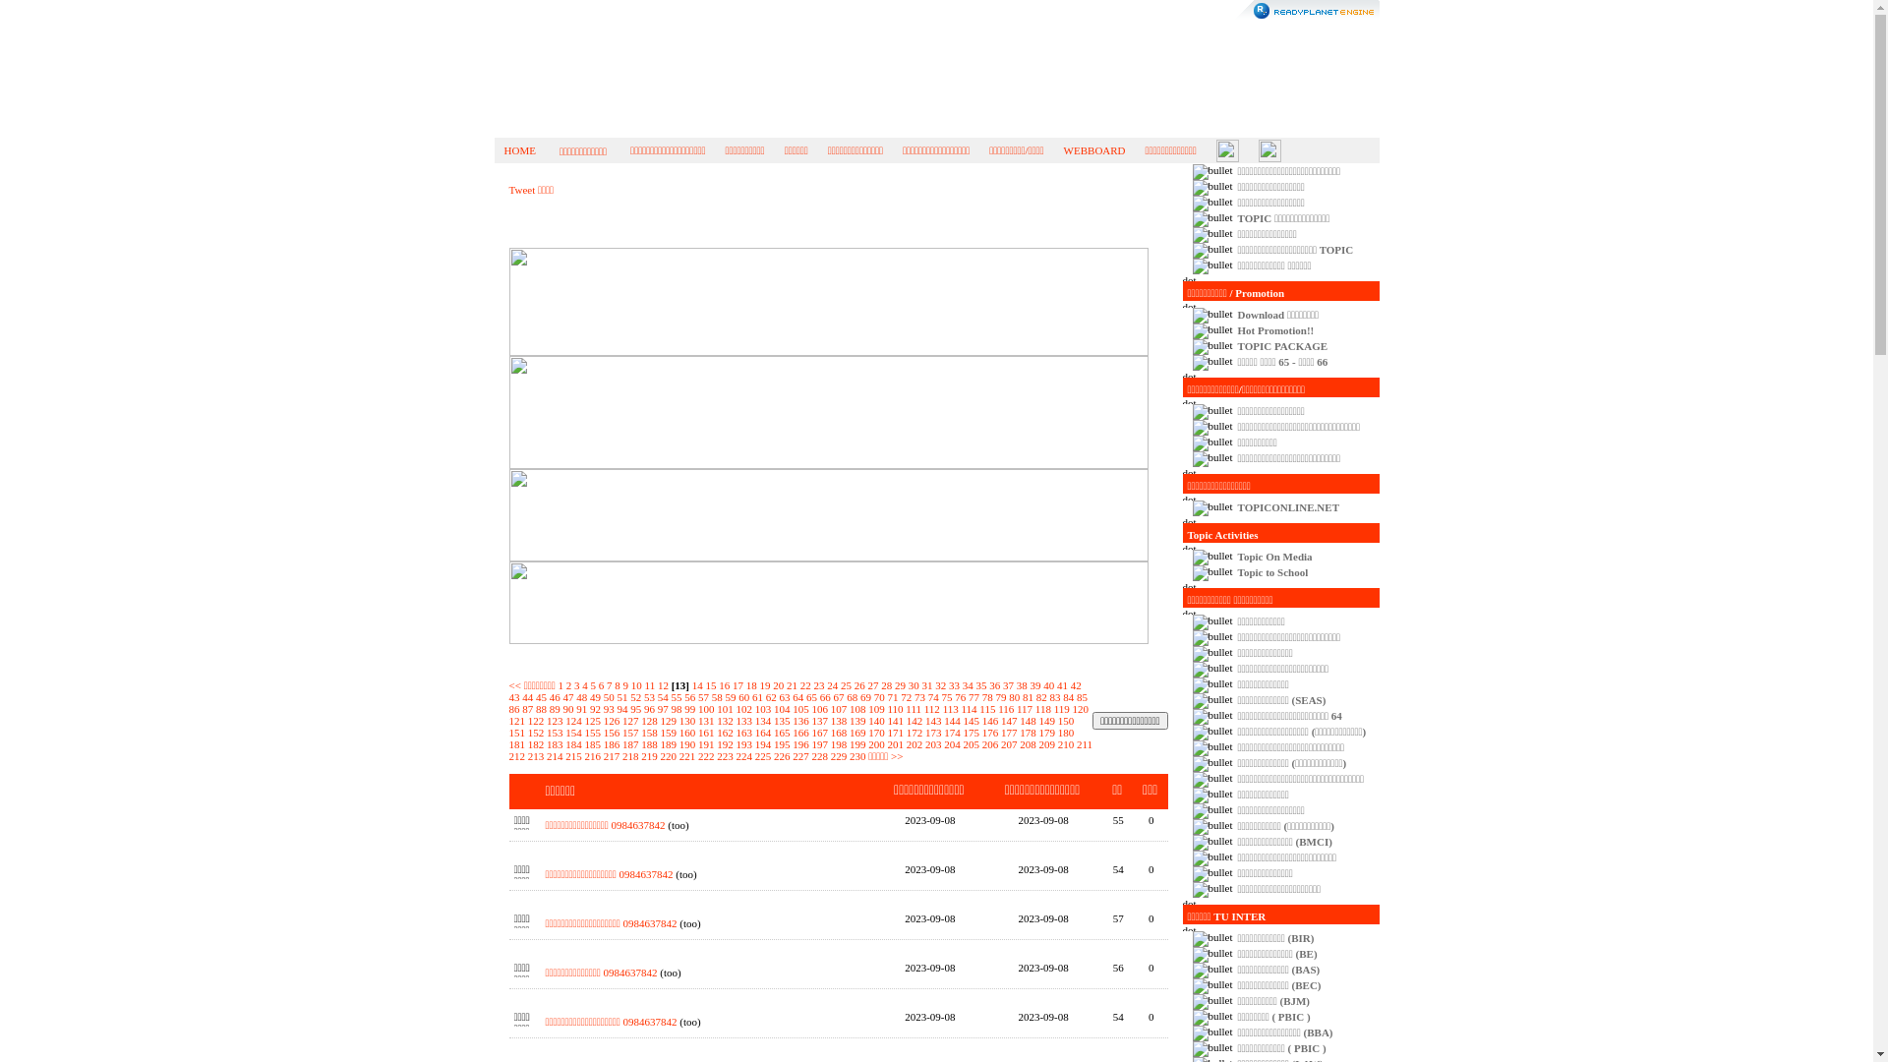  Describe the element at coordinates (1009, 743) in the screenshot. I see `'207'` at that location.